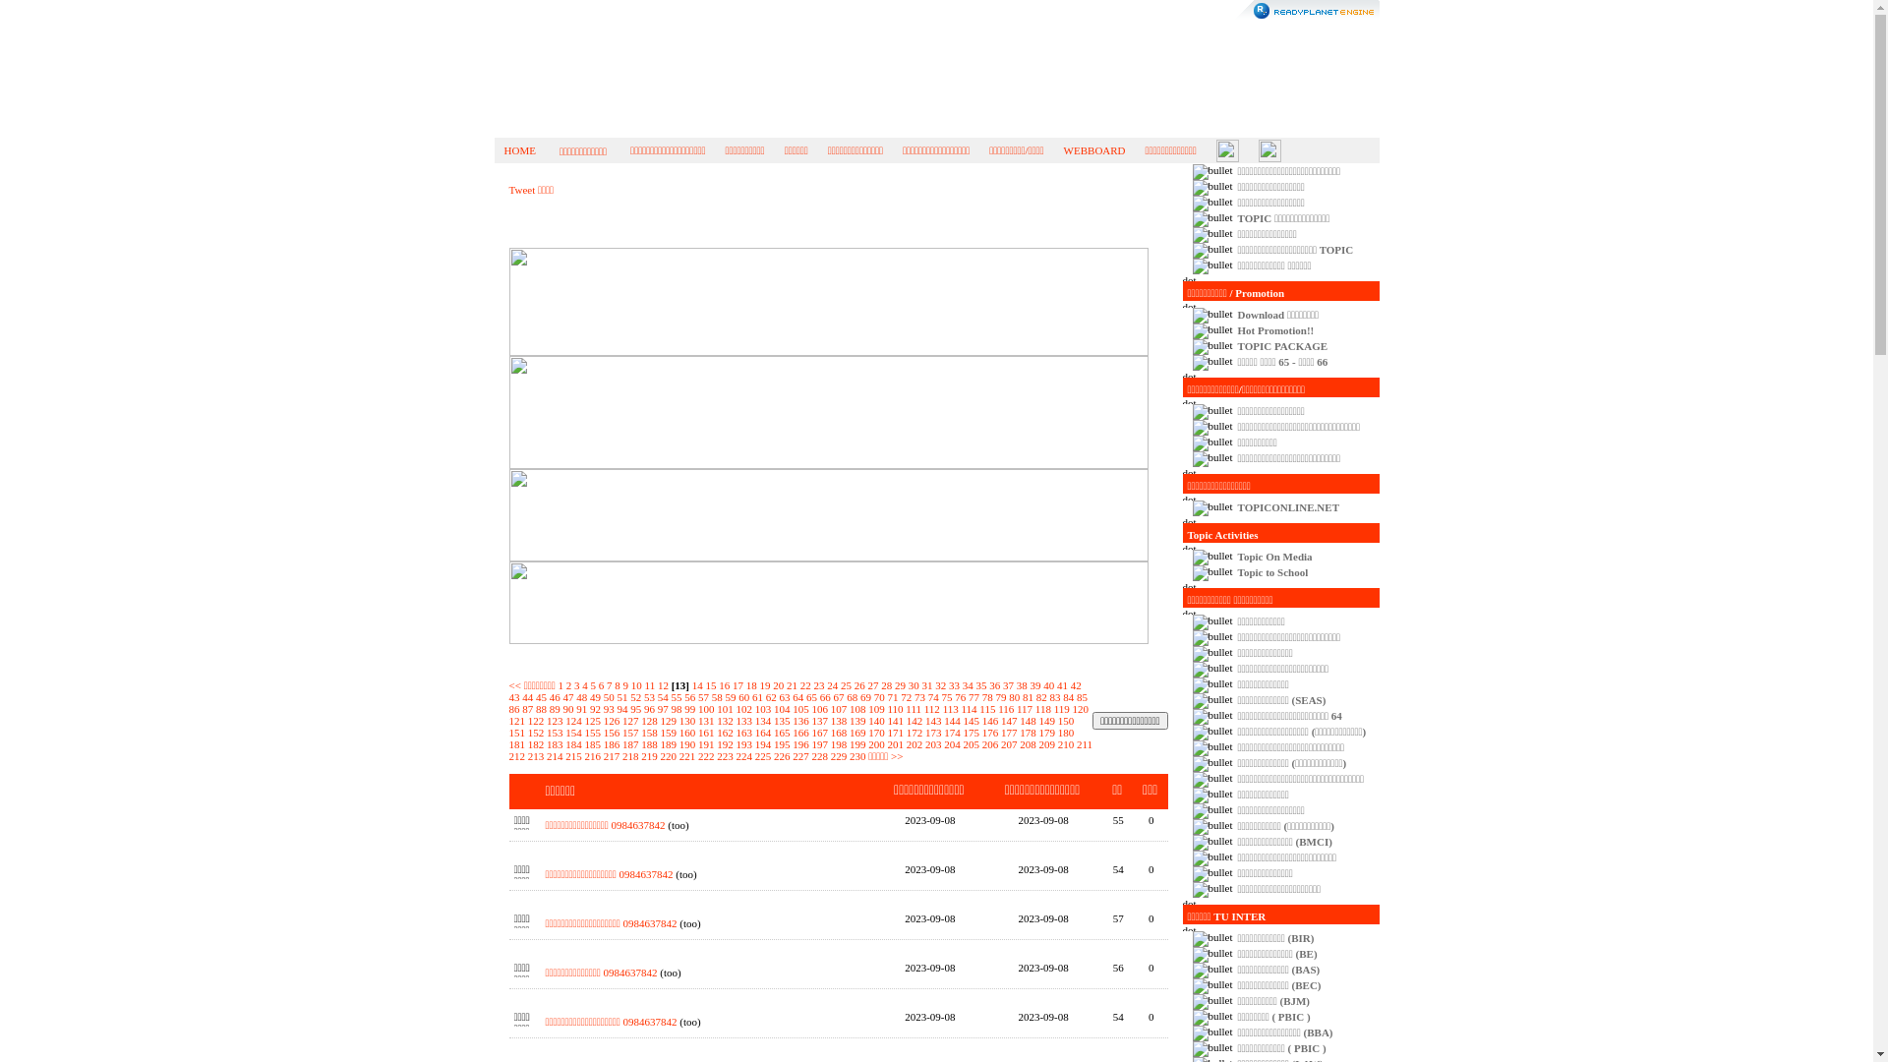  Describe the element at coordinates (1009, 743) in the screenshot. I see `'207'` at that location.